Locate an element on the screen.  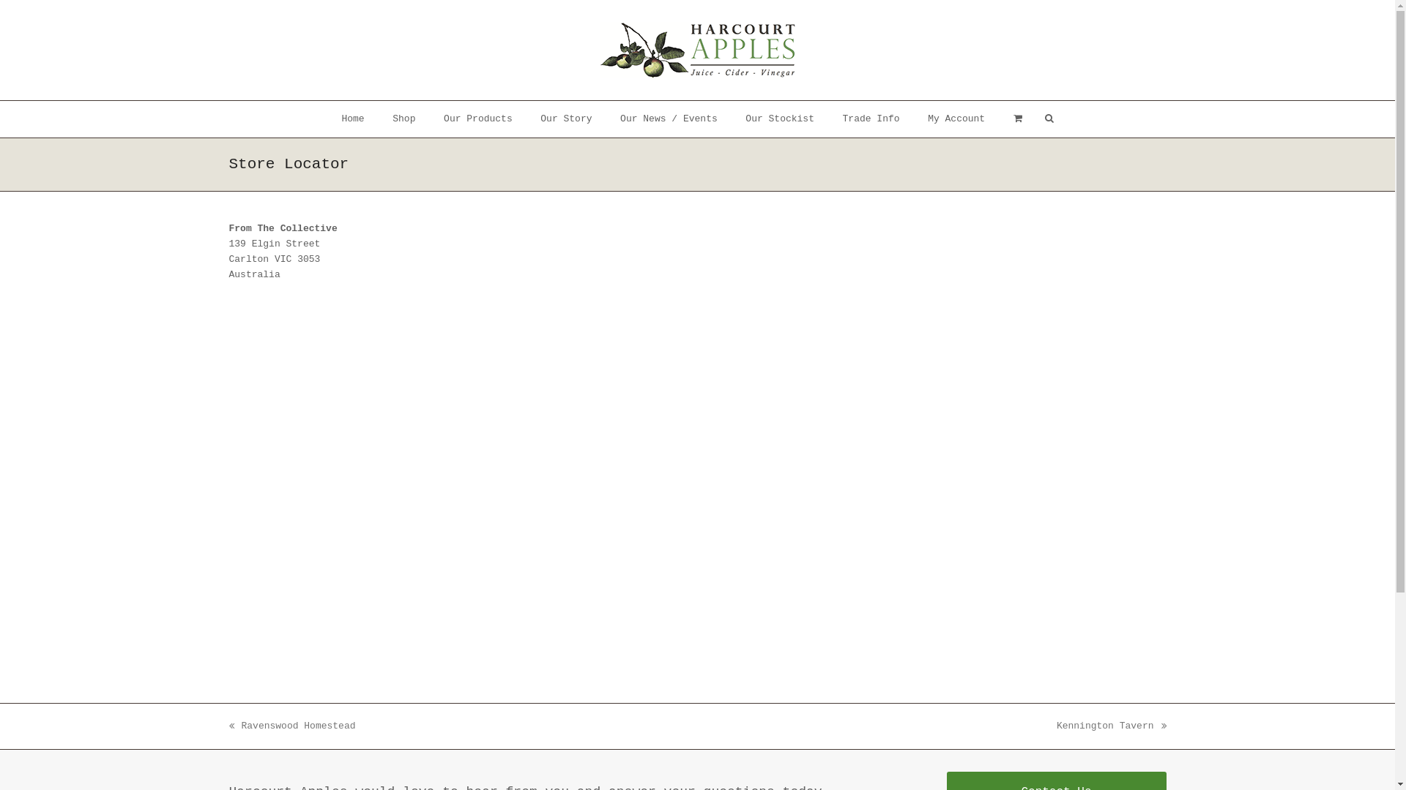
'Our Story' is located at coordinates (565, 118).